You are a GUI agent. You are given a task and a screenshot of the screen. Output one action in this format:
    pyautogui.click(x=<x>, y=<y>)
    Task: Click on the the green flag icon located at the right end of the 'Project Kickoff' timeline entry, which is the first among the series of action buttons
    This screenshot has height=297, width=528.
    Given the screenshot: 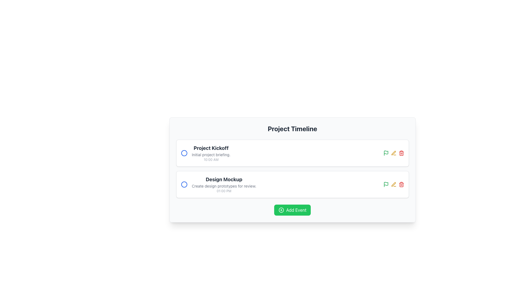 What is the action you would take?
    pyautogui.click(x=386, y=184)
    